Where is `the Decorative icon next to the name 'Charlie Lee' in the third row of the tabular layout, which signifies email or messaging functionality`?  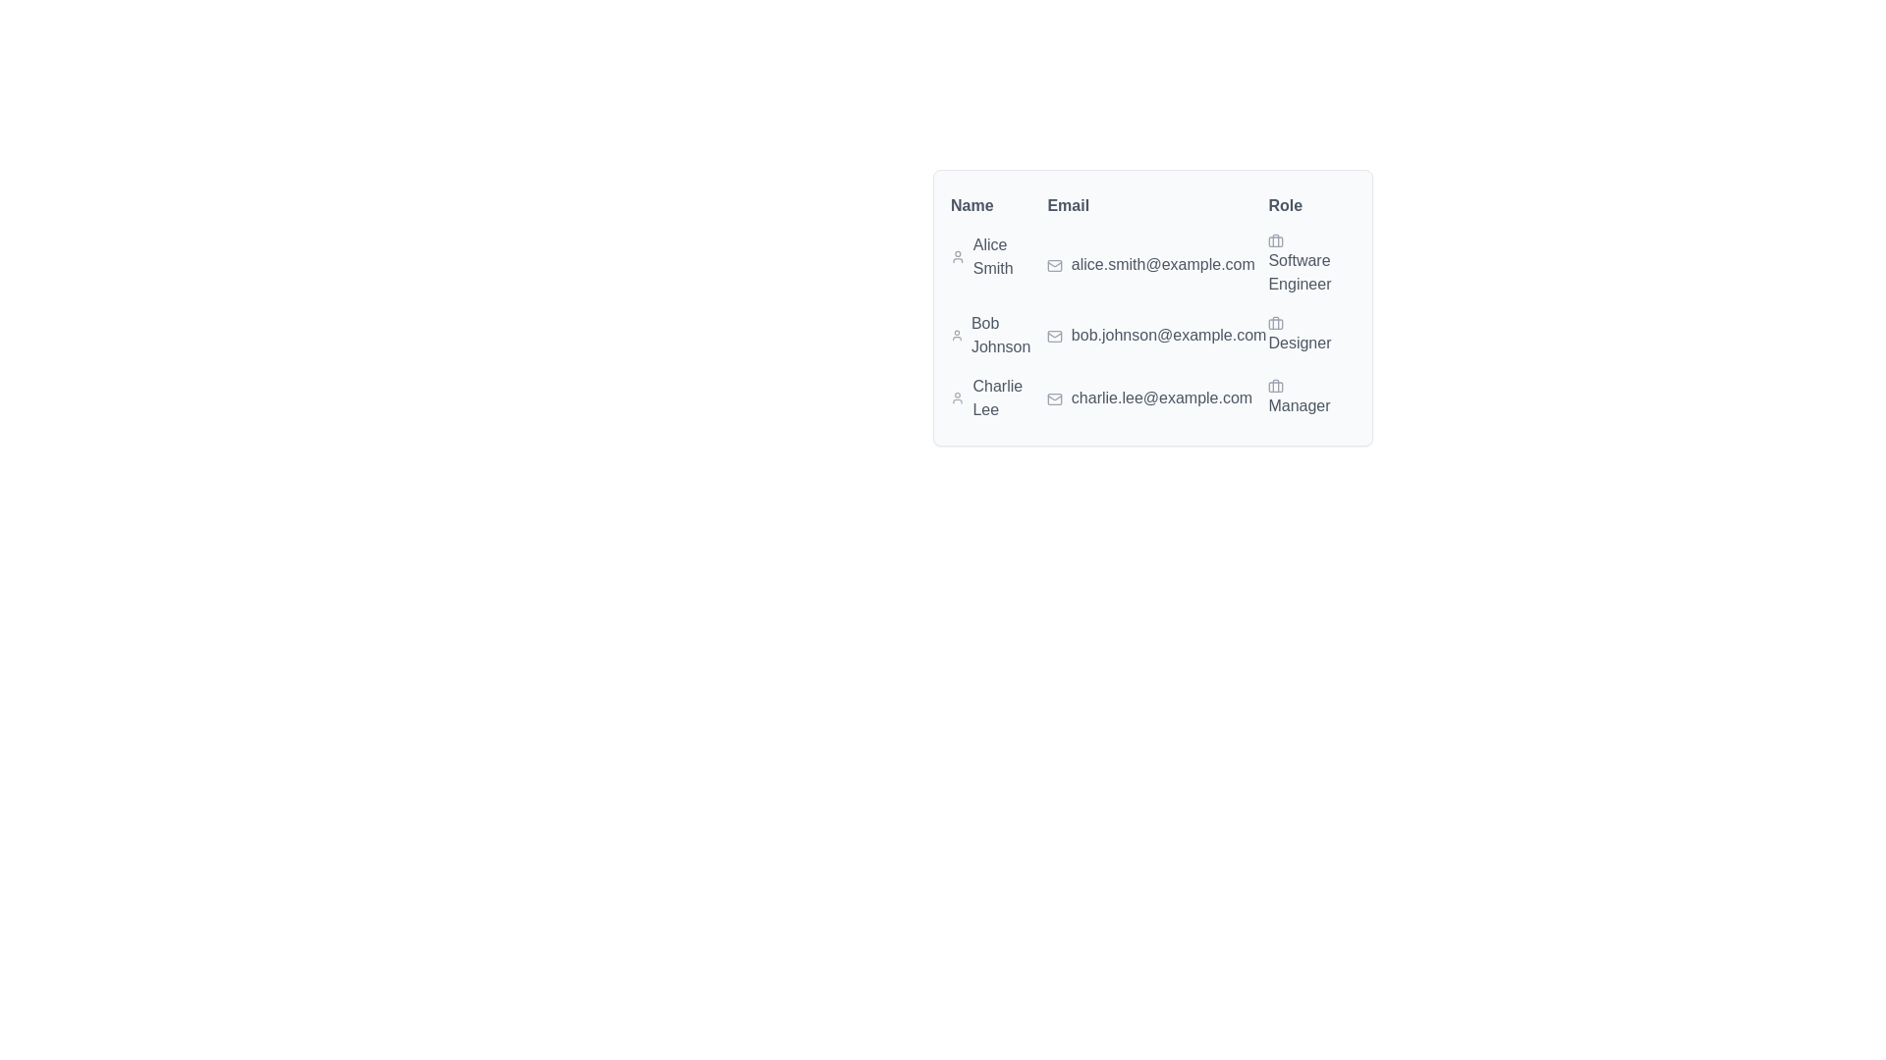 the Decorative icon next to the name 'Charlie Lee' in the third row of the tabular layout, which signifies email or messaging functionality is located at coordinates (1054, 397).